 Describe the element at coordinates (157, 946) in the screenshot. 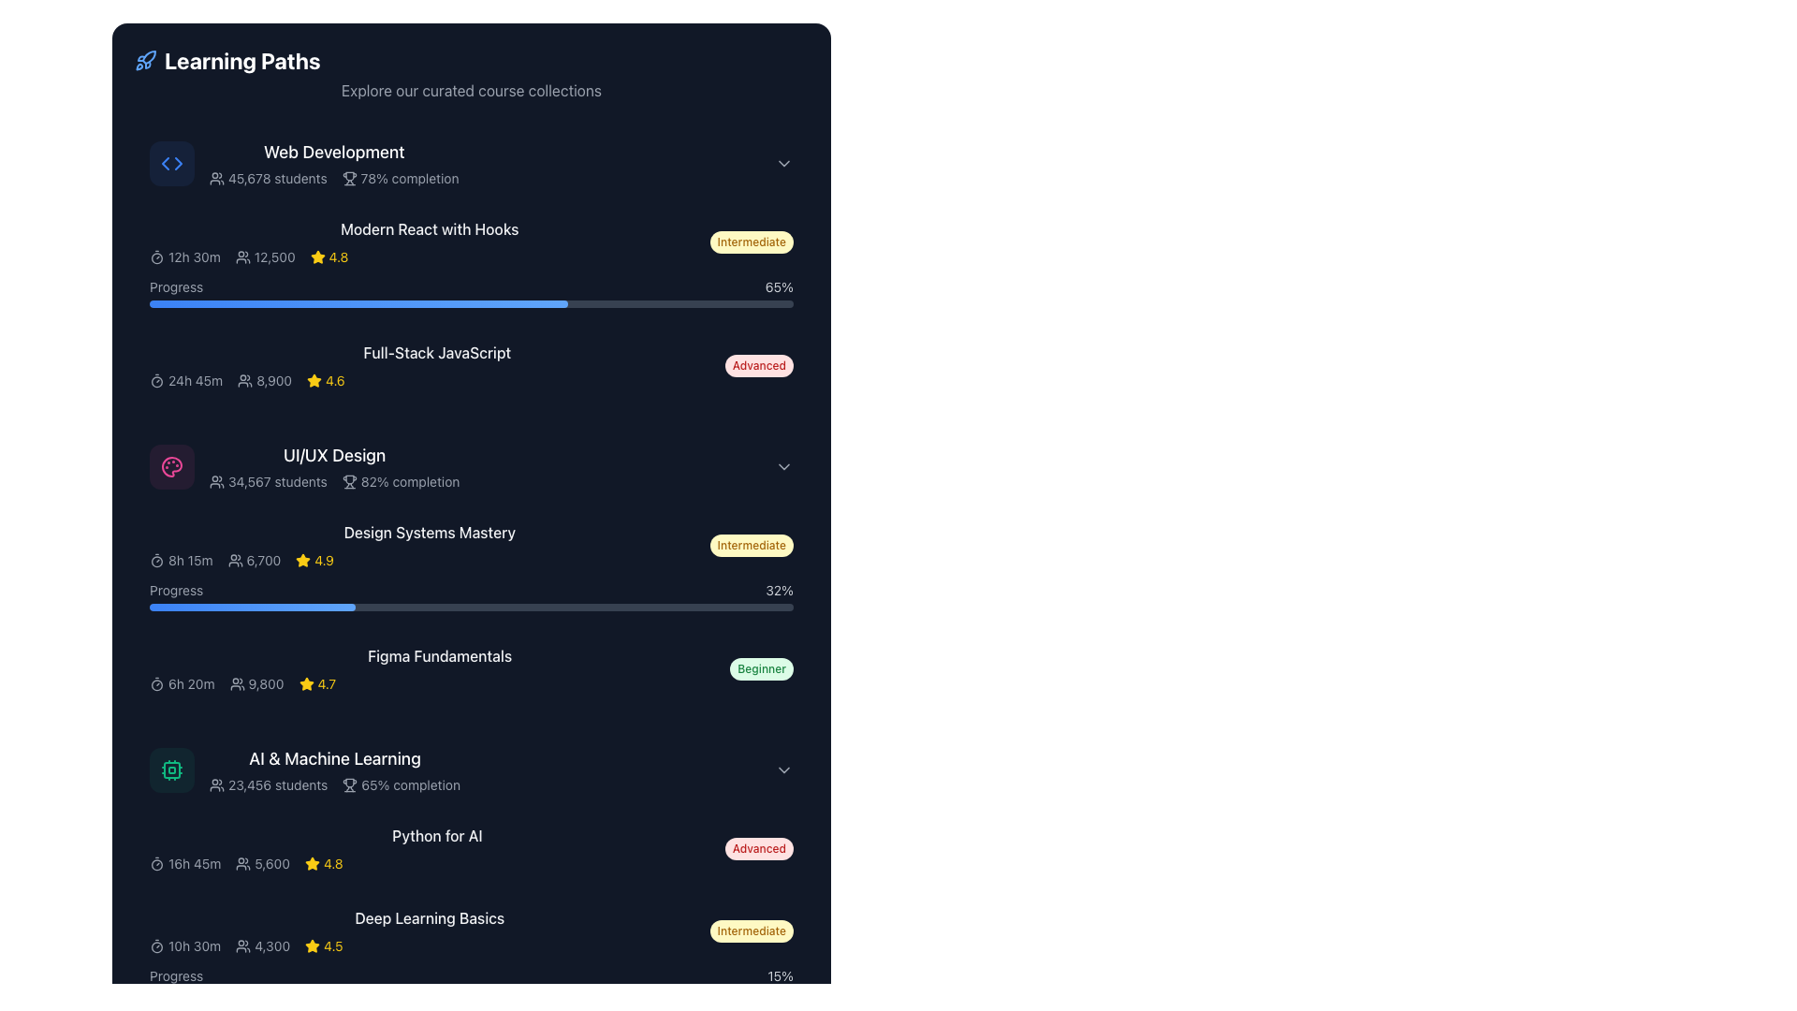

I see `the circular component of the timer icon located to the left of the '10h 30m' text in the 'Deep Learning Basics' section` at that location.